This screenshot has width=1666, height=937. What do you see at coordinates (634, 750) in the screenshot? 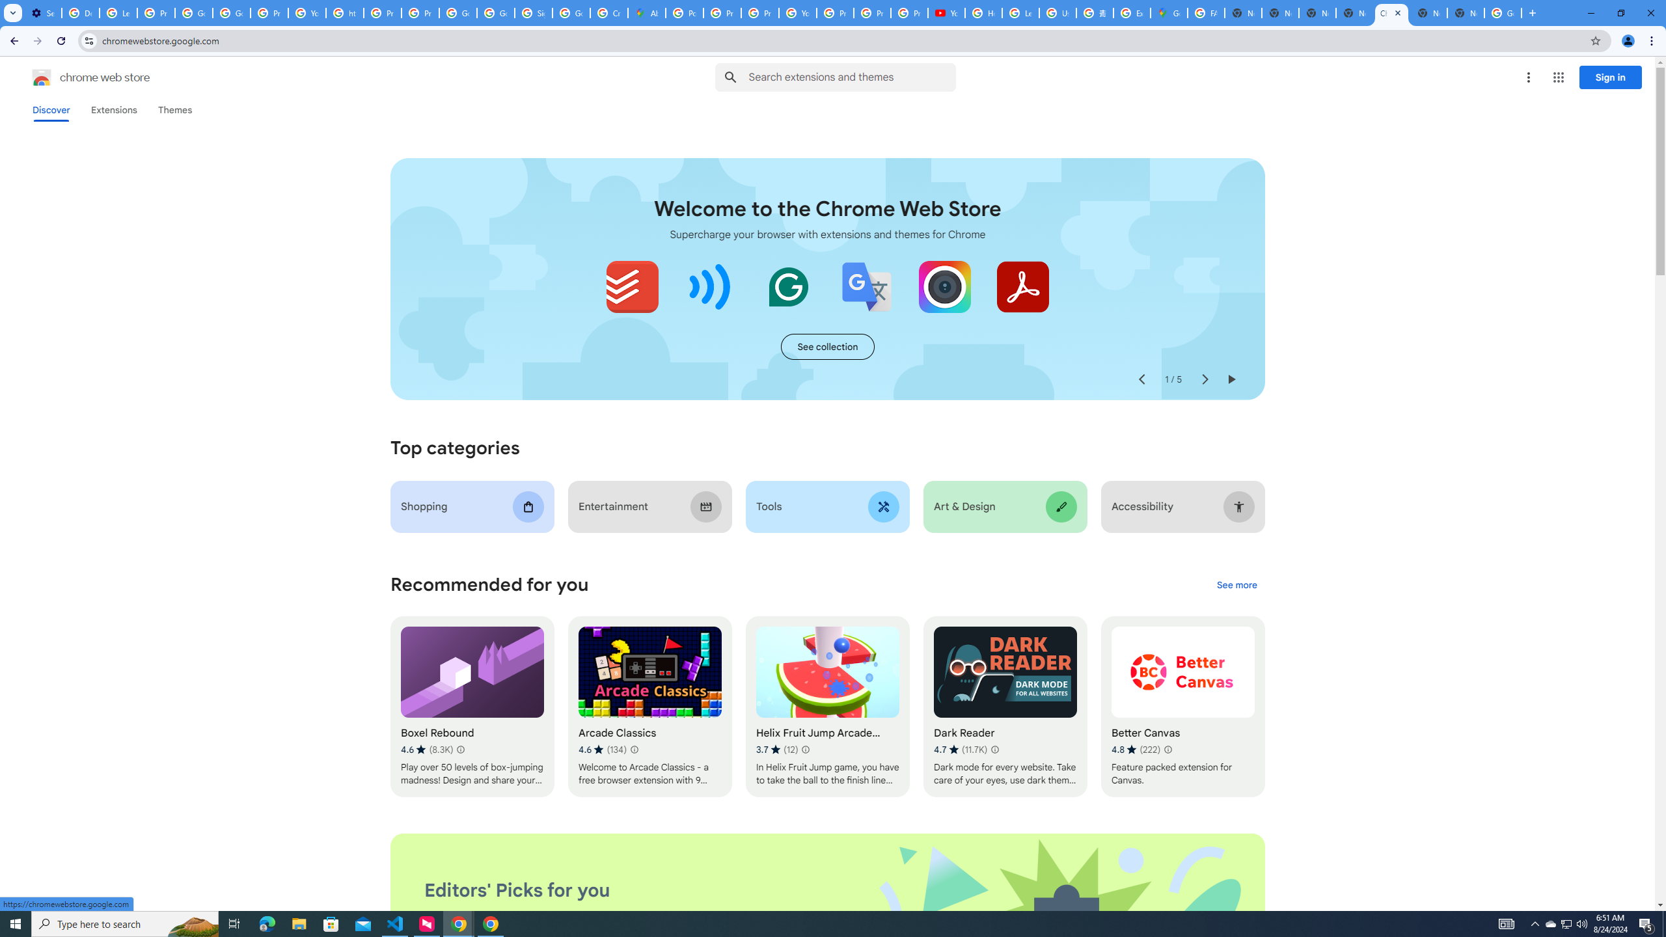
I see `'Learn more about results and reviews "Arcade Classics"'` at bounding box center [634, 750].